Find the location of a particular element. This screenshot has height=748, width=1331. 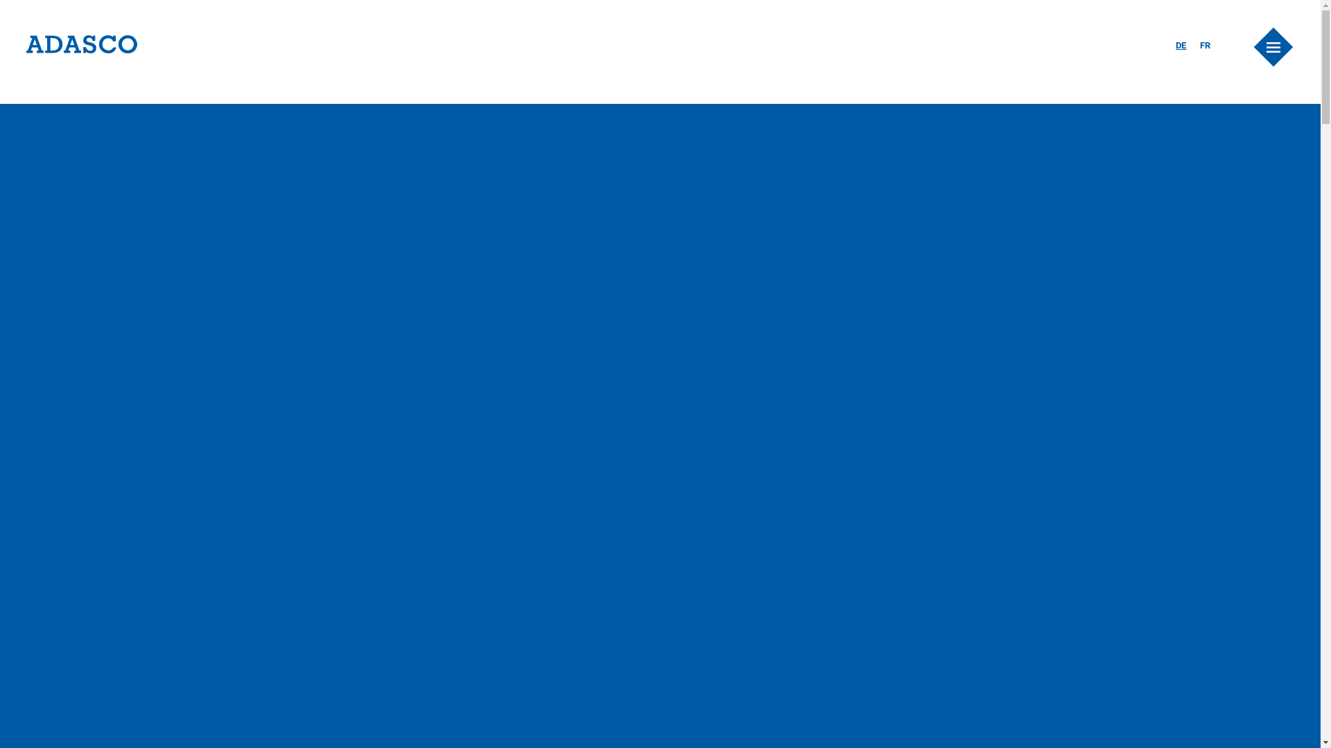

'DE' is located at coordinates (1181, 44).